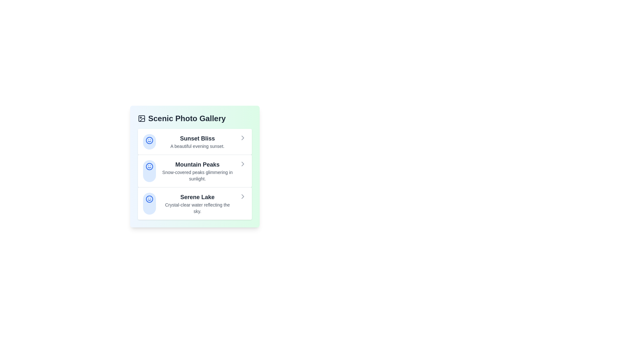 The image size is (620, 348). I want to click on the gallery item corresponding to Serene Lake, so click(194, 203).